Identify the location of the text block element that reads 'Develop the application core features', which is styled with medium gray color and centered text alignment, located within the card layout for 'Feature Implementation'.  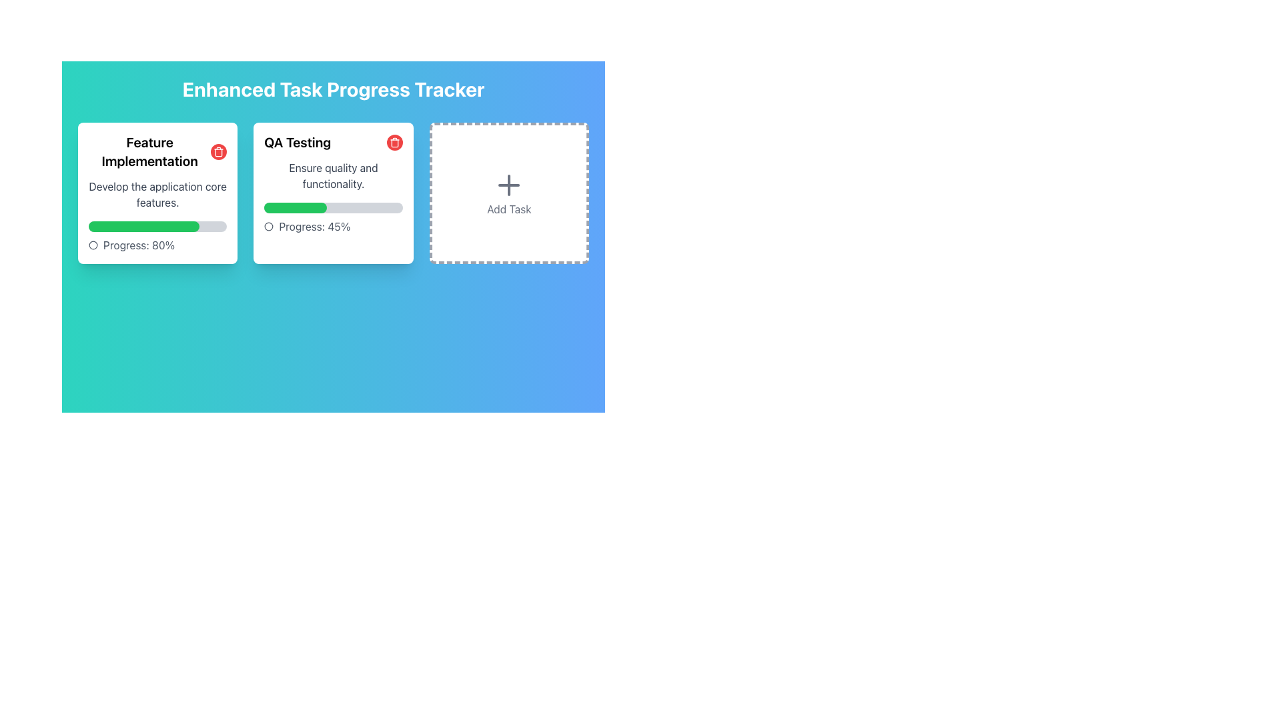
(157, 195).